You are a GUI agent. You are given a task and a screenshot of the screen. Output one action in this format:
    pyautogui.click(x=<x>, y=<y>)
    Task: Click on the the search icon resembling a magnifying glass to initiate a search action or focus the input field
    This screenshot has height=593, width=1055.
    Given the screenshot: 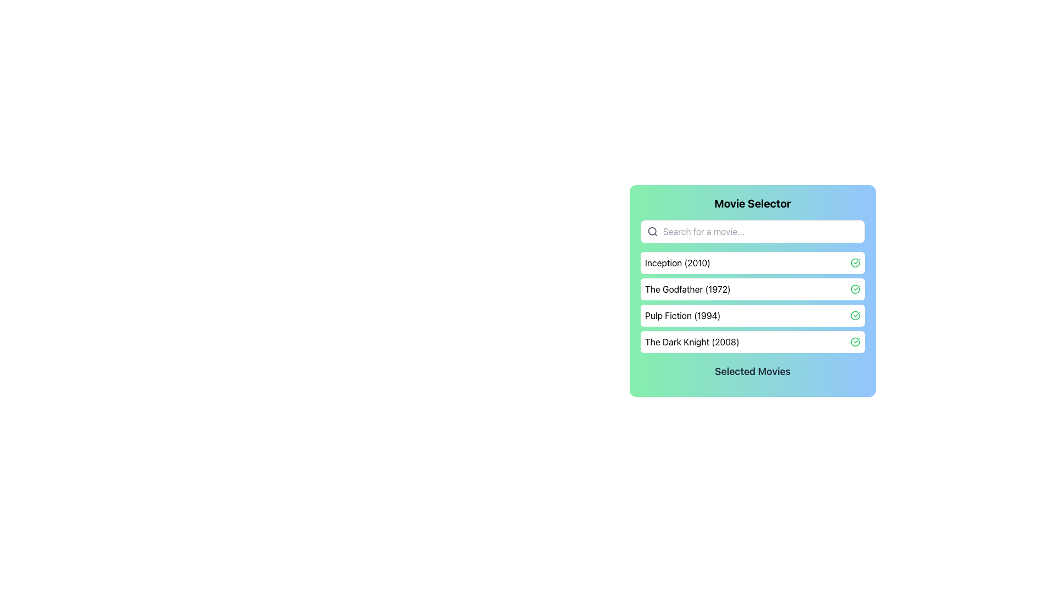 What is the action you would take?
    pyautogui.click(x=653, y=231)
    